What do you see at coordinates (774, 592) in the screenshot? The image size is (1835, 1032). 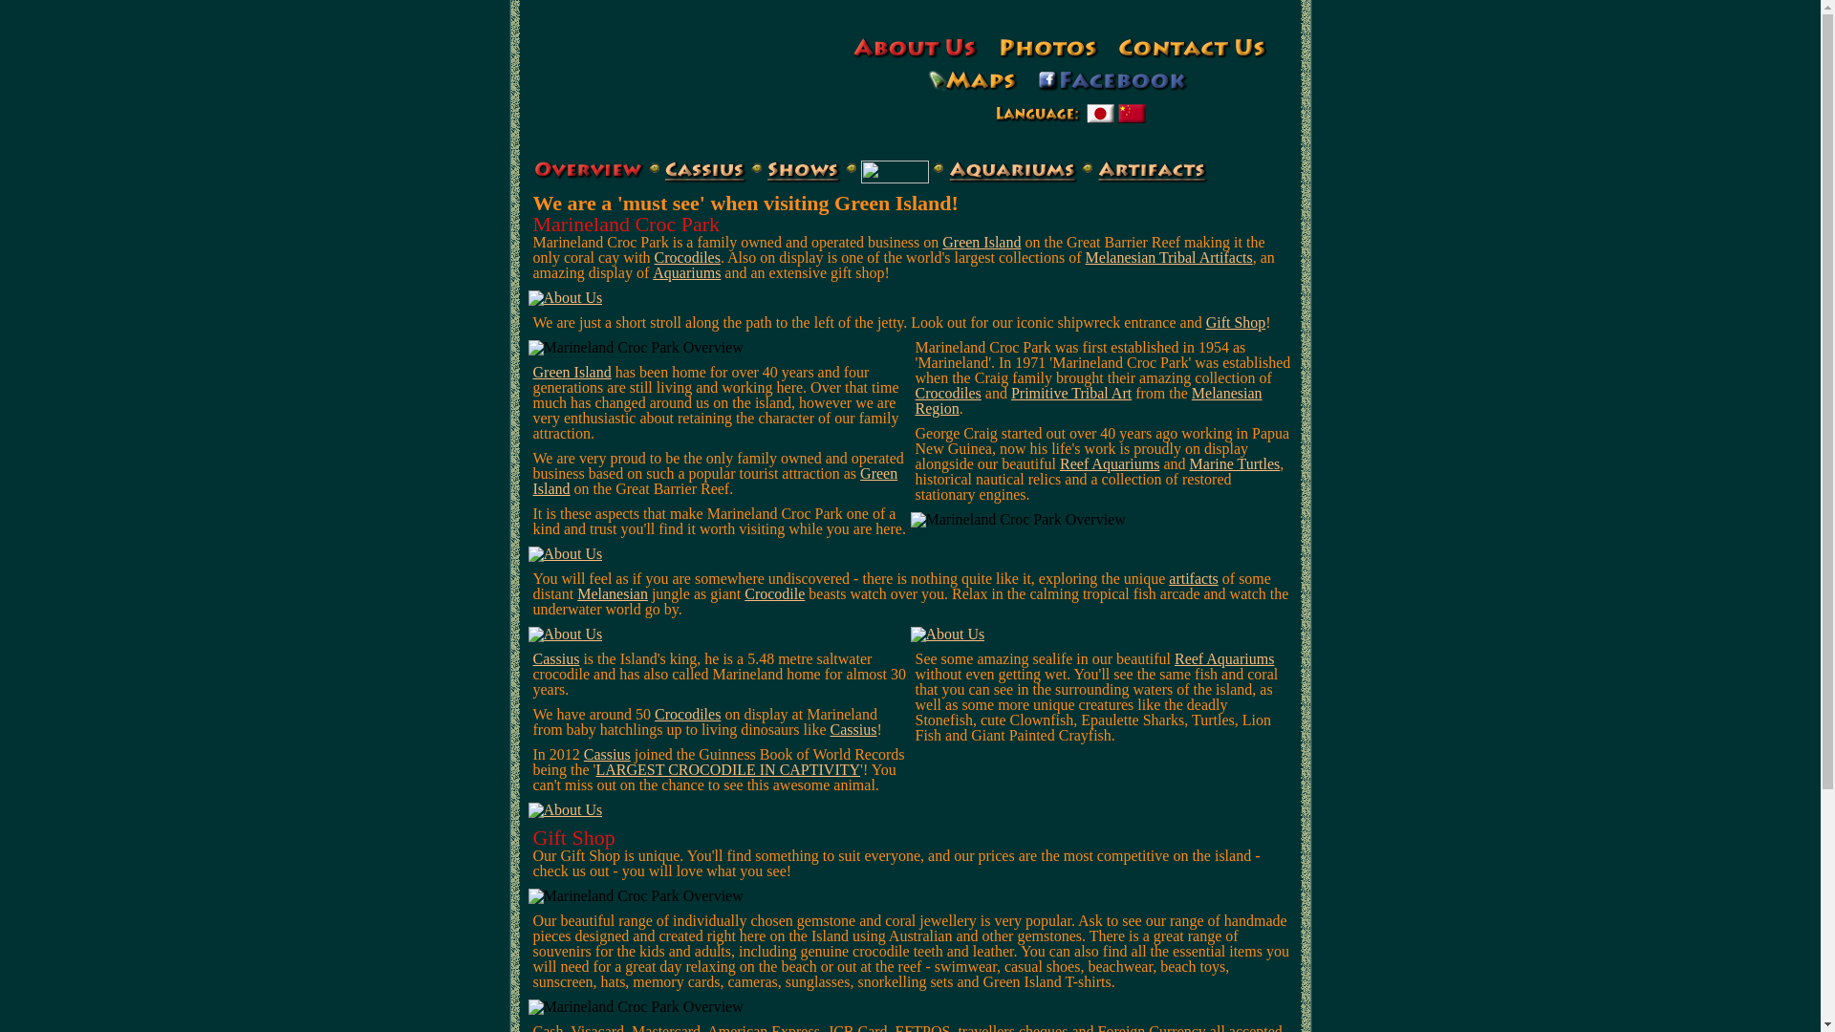 I see `'Crocodile'` at bounding box center [774, 592].